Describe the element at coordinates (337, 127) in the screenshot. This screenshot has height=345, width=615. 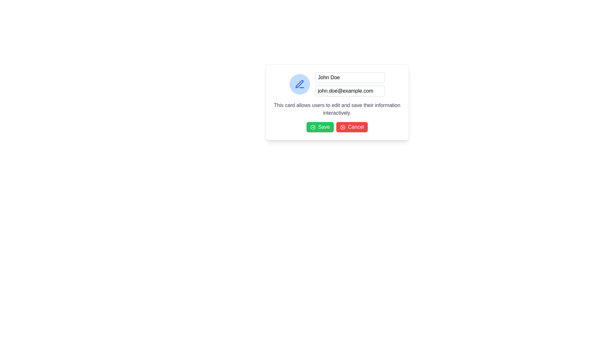
I see `the 'Cancel' button with a red background and white text, located at the bottom of the card layout, to discard changes` at that location.